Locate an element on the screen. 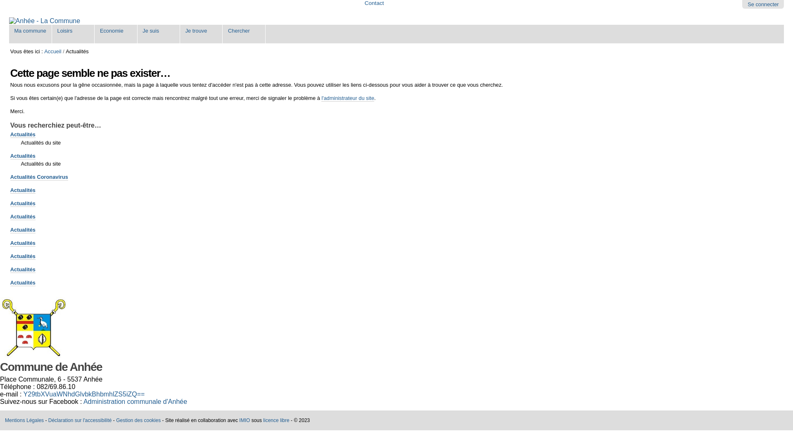 Image resolution: width=793 pixels, height=446 pixels. 'Economie' is located at coordinates (115, 33).